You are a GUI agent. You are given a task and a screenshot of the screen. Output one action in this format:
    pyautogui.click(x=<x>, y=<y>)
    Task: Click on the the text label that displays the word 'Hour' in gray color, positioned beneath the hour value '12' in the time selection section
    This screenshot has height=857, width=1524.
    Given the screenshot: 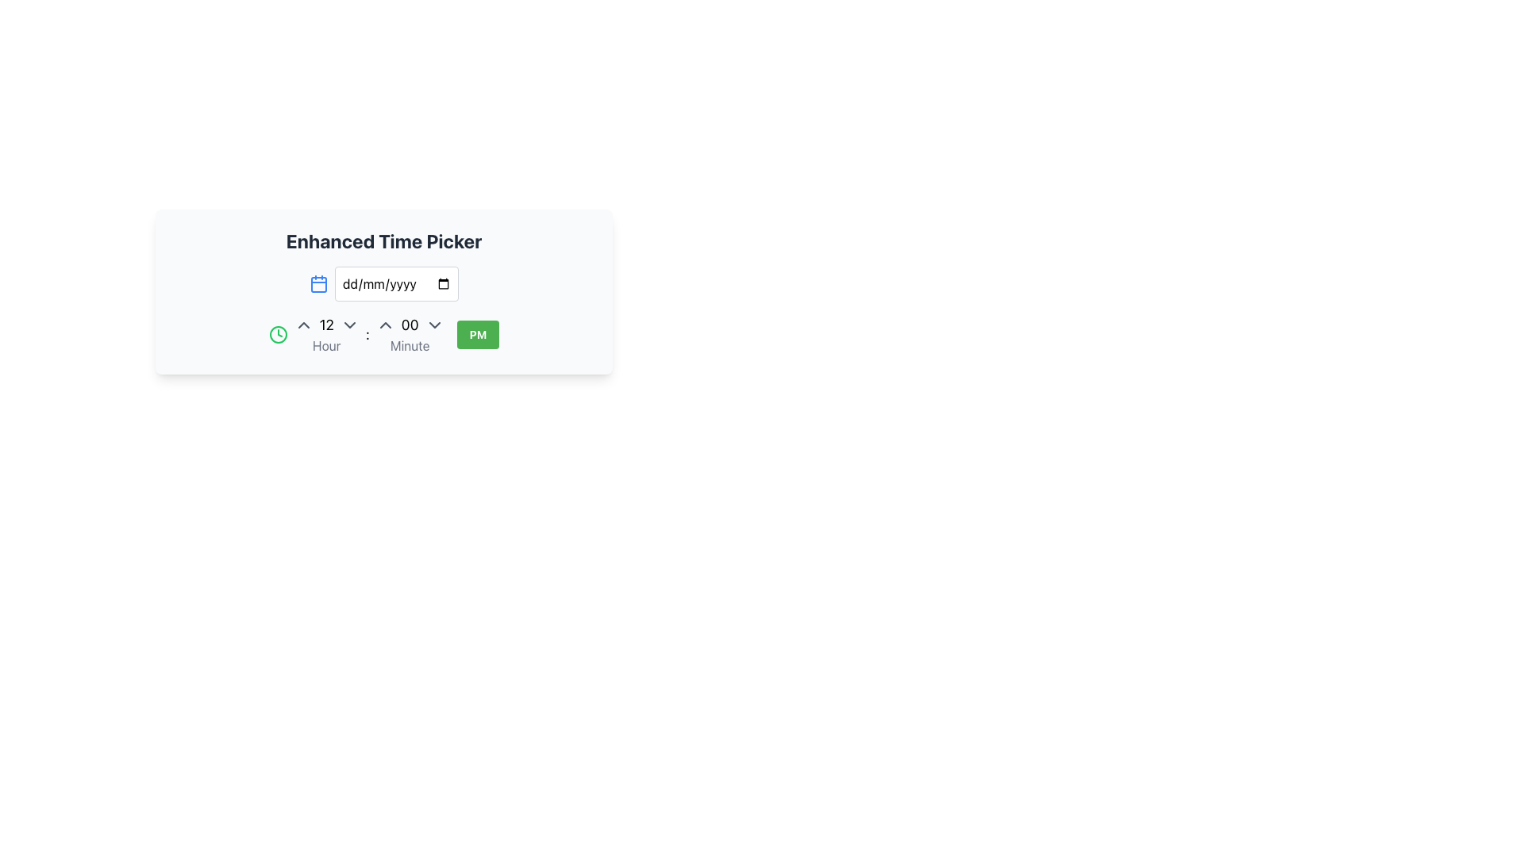 What is the action you would take?
    pyautogui.click(x=325, y=344)
    